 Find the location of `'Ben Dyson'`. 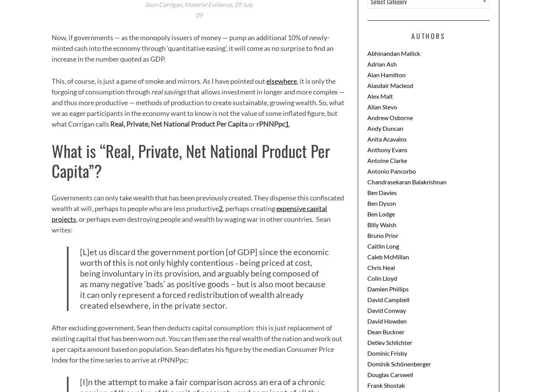

'Ben Dyson' is located at coordinates (381, 202).